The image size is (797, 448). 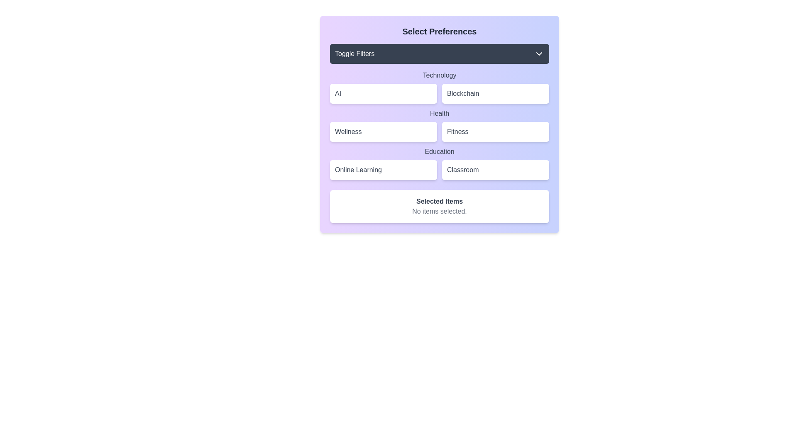 What do you see at coordinates (539, 54) in the screenshot?
I see `the downward-pointing chevron icon, which is white and located at the far-right corner of the 'Toggle Filters' section in the preference selection modal` at bounding box center [539, 54].